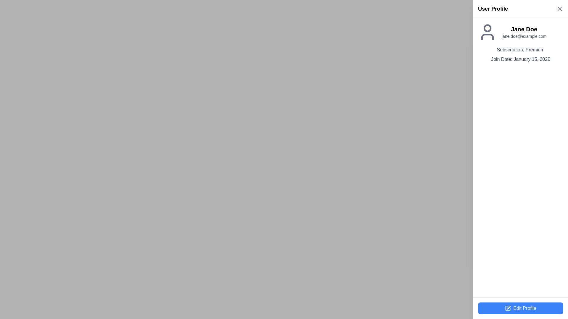 The height and width of the screenshot is (319, 568). Describe the element at coordinates (559, 9) in the screenshot. I see `the 'X' icon button in the top right corner of the 'User Profile' header` at that location.